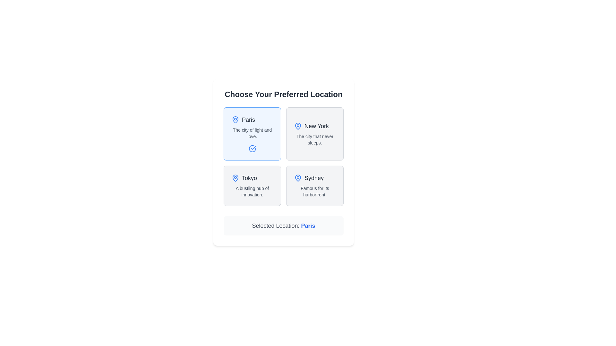  What do you see at coordinates (315, 185) in the screenshot?
I see `the button that represents the selectable option for the location 'Sydney' to mark it as the chosen location` at bounding box center [315, 185].